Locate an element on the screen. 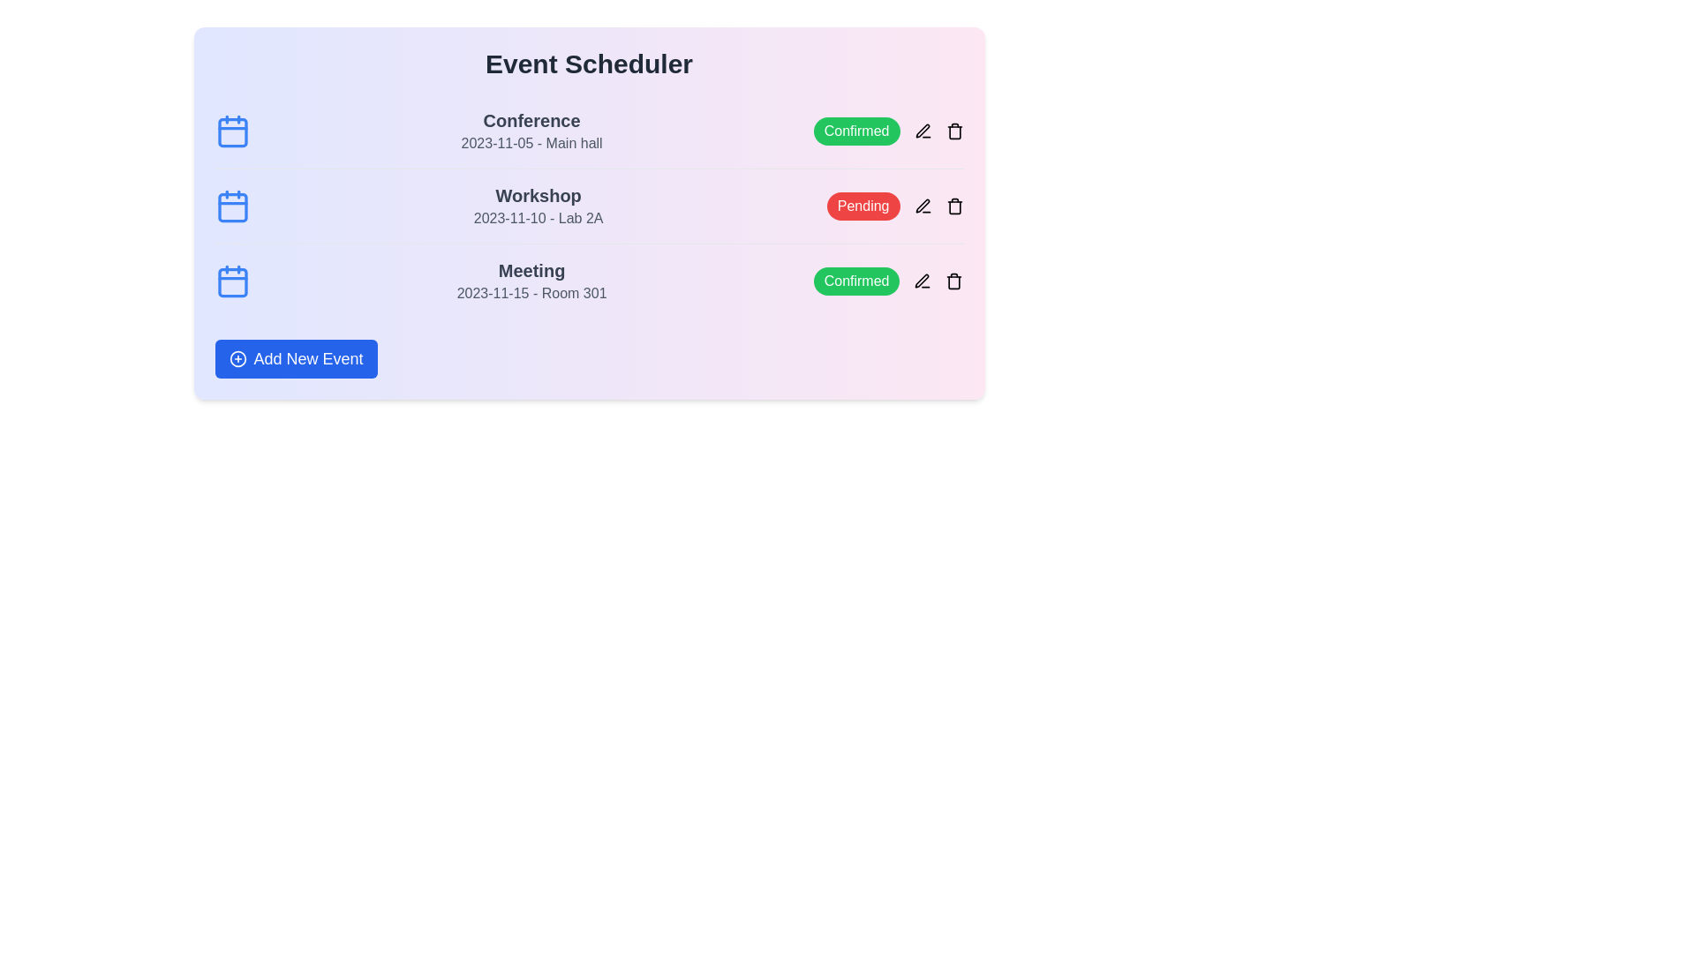 The image size is (1695, 953). the second icon from the left, positioned to the right of the 'Confirmed' label in the third row is located at coordinates (922, 281).